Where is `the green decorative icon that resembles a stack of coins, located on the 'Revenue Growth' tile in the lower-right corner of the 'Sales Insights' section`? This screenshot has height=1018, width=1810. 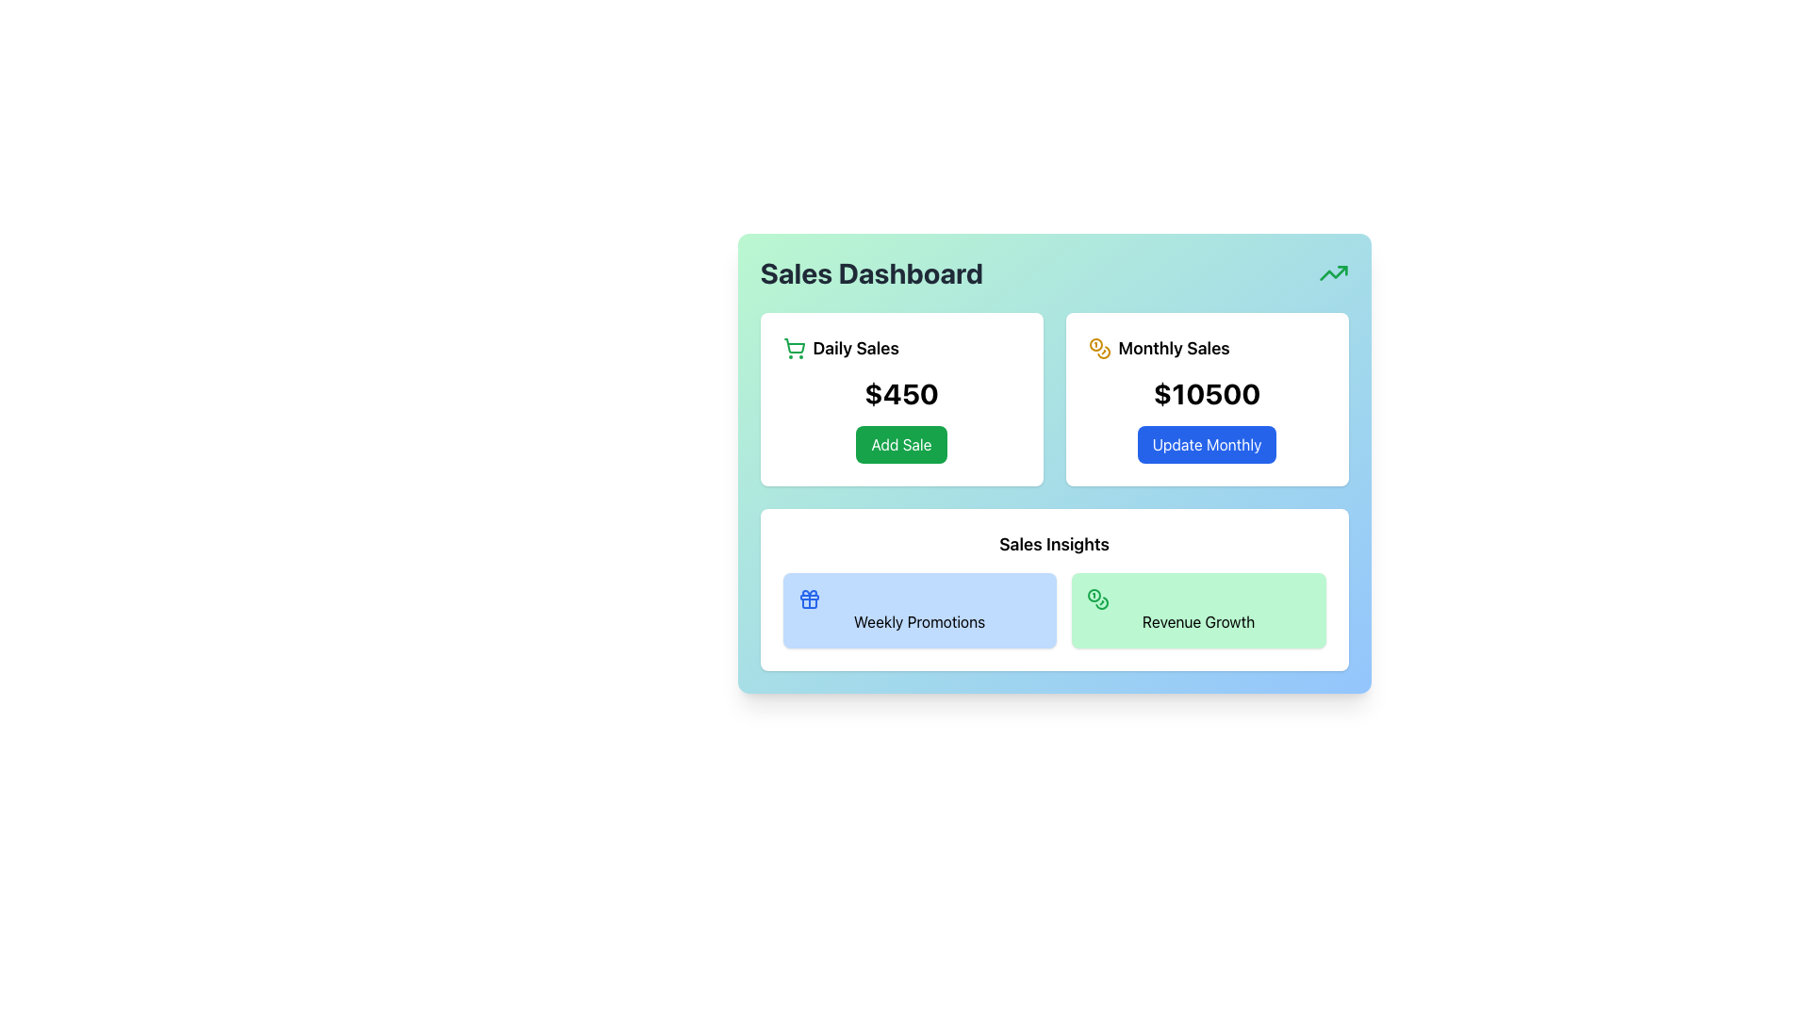 the green decorative icon that resembles a stack of coins, located on the 'Revenue Growth' tile in the lower-right corner of the 'Sales Insights' section is located at coordinates (1097, 599).